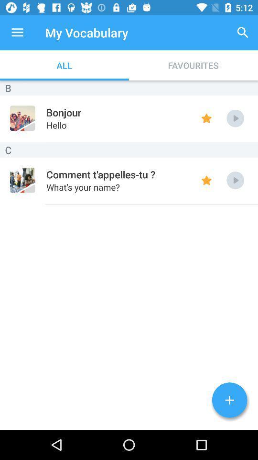 This screenshot has height=460, width=258. Describe the element at coordinates (17, 33) in the screenshot. I see `app to the left of my vocabulary icon` at that location.